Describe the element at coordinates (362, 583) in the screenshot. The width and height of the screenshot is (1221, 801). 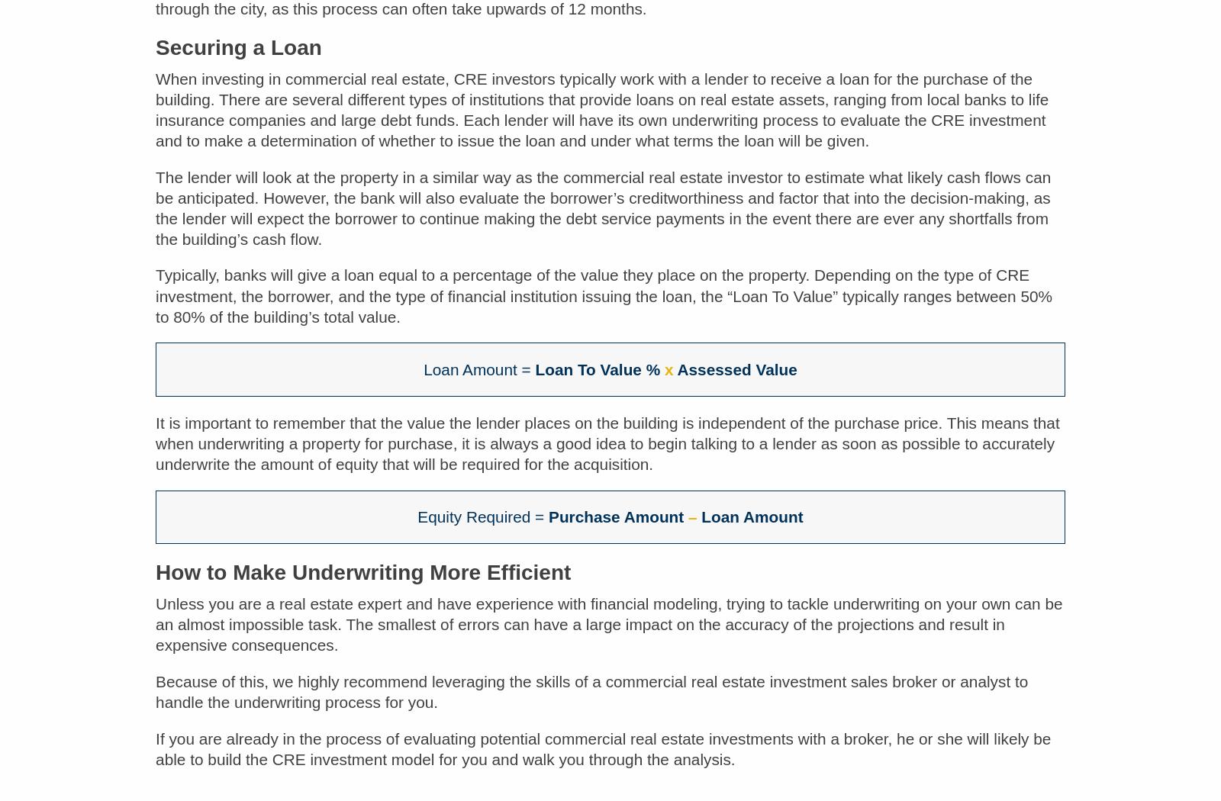
I see `'How to Make Underwriting More Efficient'` at that location.